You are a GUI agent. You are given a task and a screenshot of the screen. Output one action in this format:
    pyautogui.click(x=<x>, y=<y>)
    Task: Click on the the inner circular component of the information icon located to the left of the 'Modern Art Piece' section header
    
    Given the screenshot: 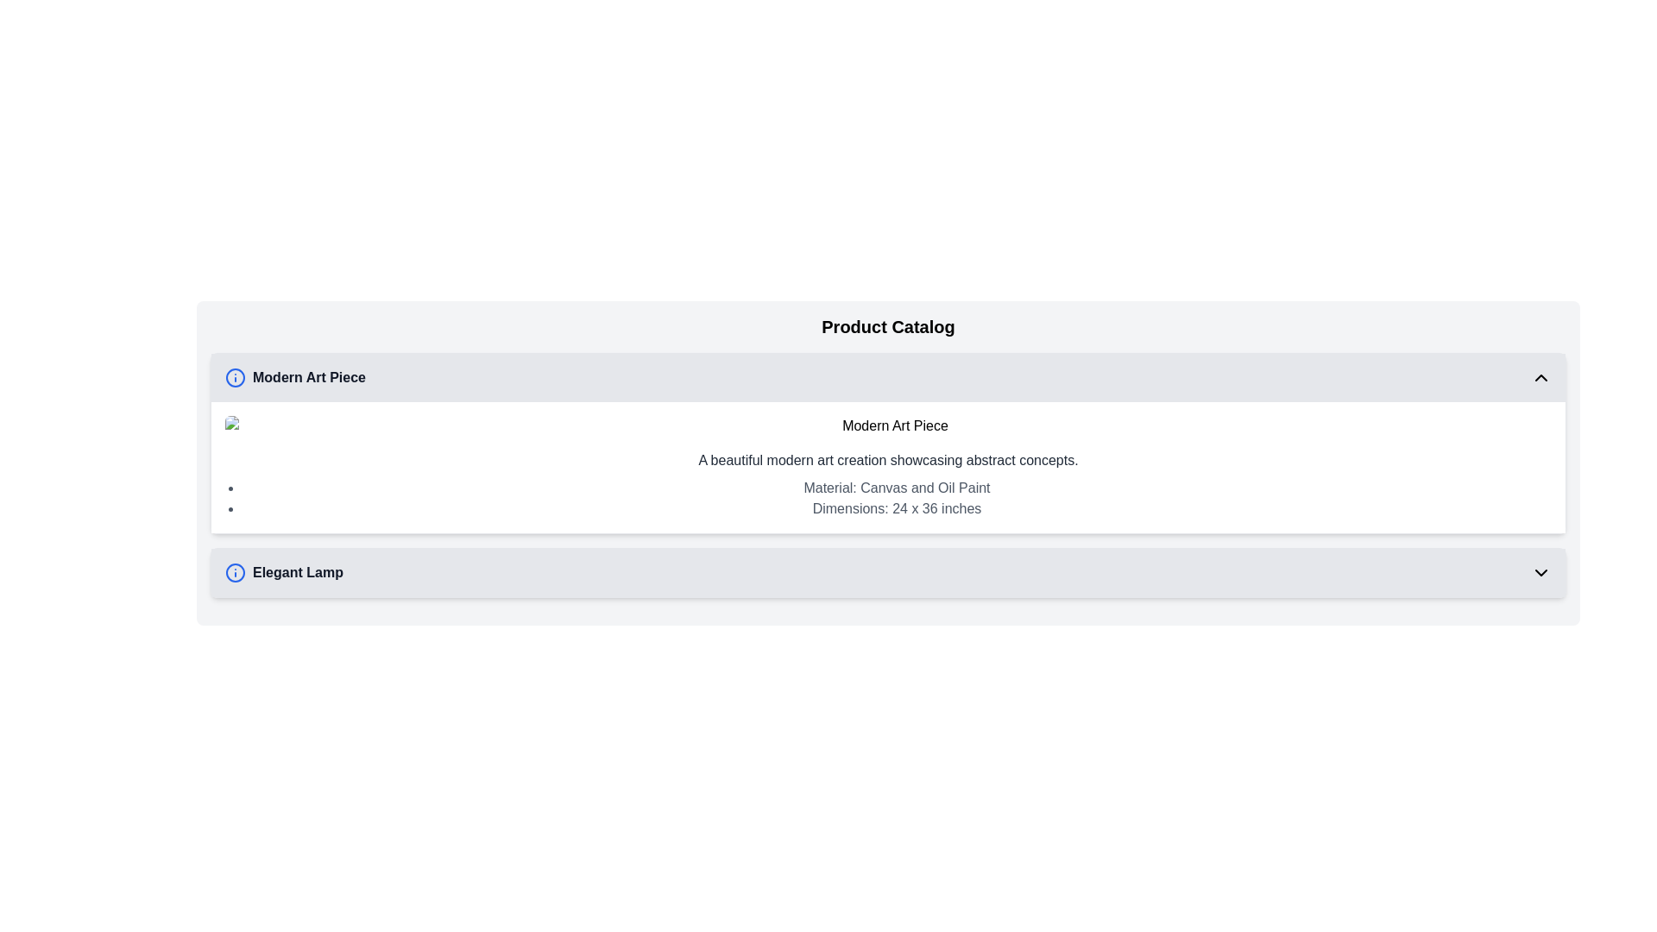 What is the action you would take?
    pyautogui.click(x=235, y=572)
    